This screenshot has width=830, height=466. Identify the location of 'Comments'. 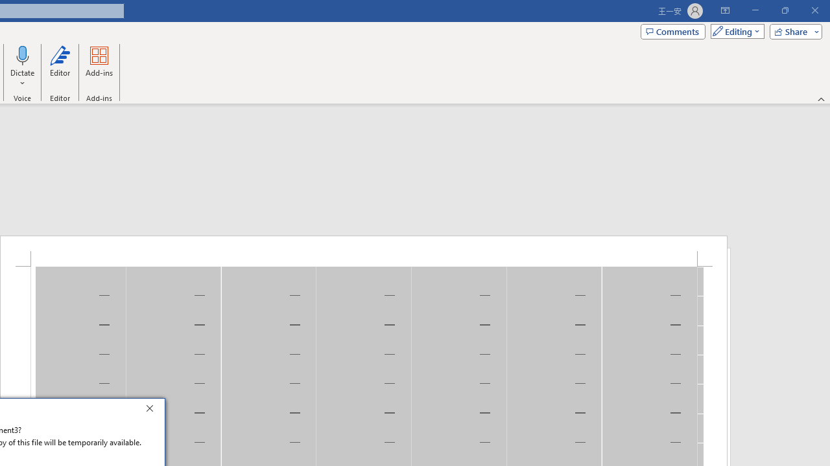
(673, 30).